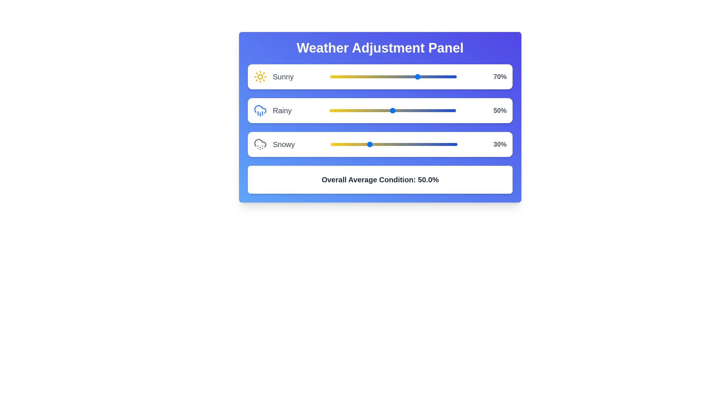 The image size is (706, 397). What do you see at coordinates (439, 144) in the screenshot?
I see `the snowy condition percentage` at bounding box center [439, 144].